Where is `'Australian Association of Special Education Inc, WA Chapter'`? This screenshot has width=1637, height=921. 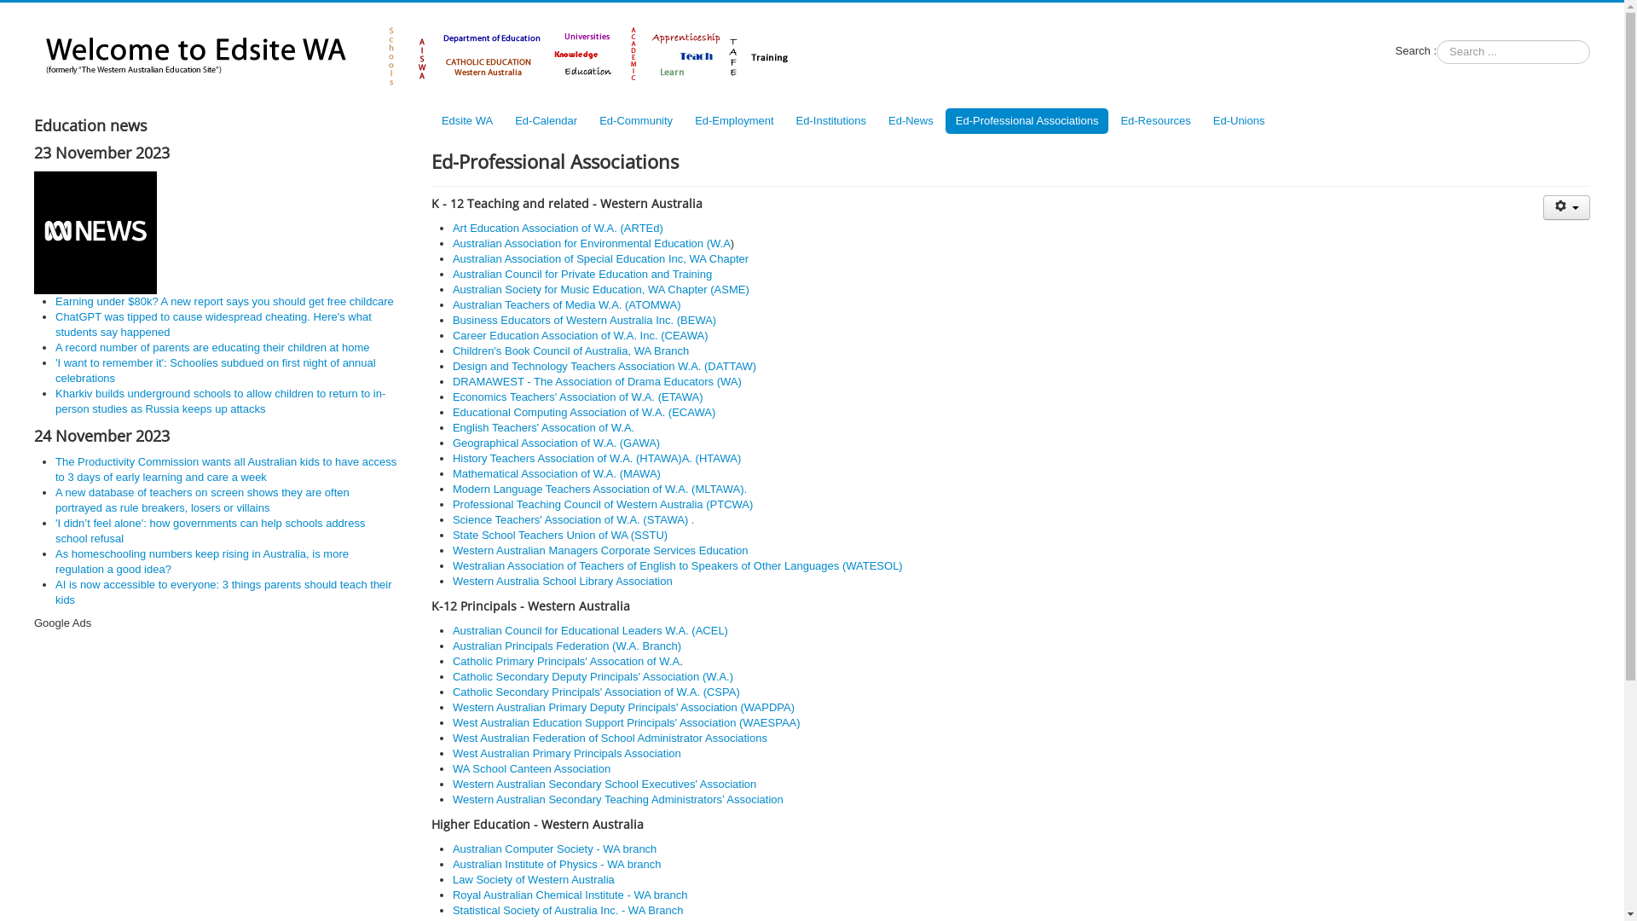
'Australian Association of Special Education Inc, WA Chapter' is located at coordinates (600, 258).